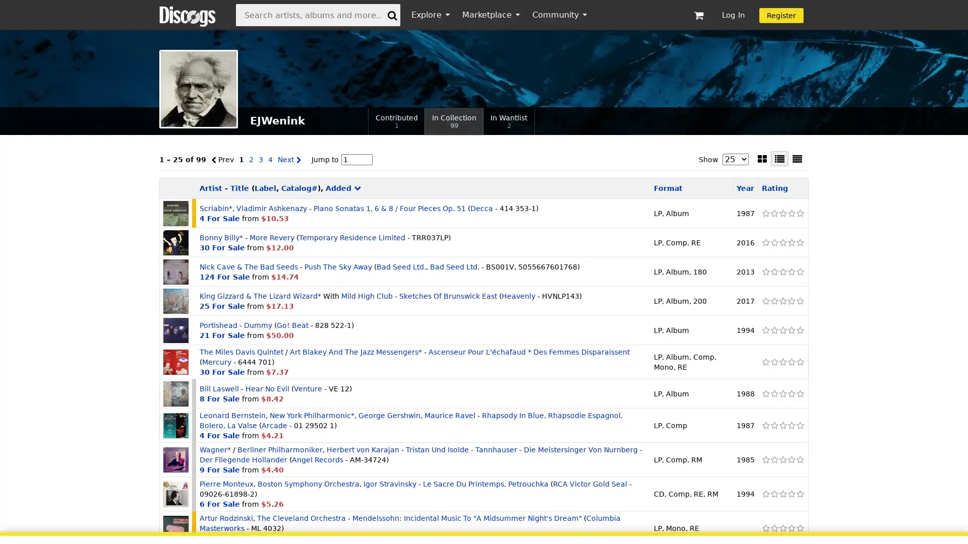 This screenshot has width=968, height=544. Describe the element at coordinates (773, 393) in the screenshot. I see `Rate this release 2 stars.` at that location.